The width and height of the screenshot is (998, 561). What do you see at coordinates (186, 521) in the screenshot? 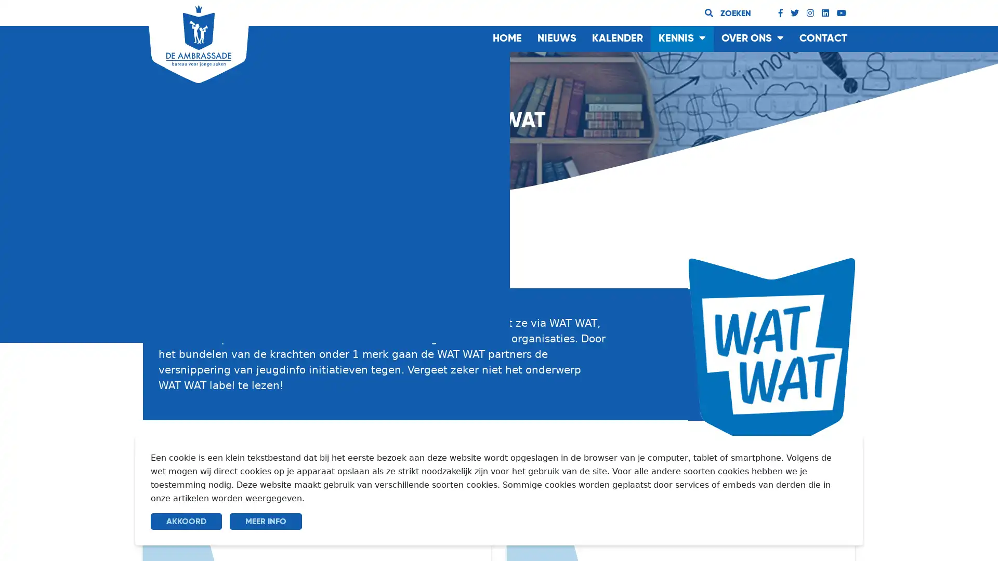
I see `AKKOORD` at bounding box center [186, 521].